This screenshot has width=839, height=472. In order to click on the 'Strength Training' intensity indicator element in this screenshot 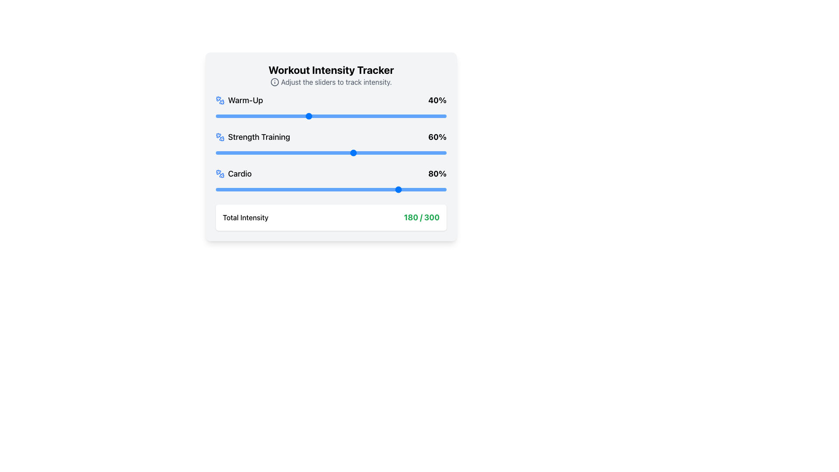, I will do `click(331, 137)`.